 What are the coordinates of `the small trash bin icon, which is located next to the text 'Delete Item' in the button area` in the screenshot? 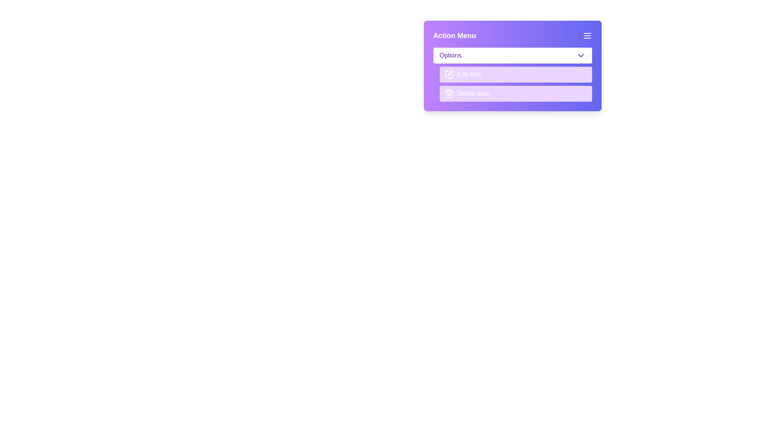 It's located at (449, 93).